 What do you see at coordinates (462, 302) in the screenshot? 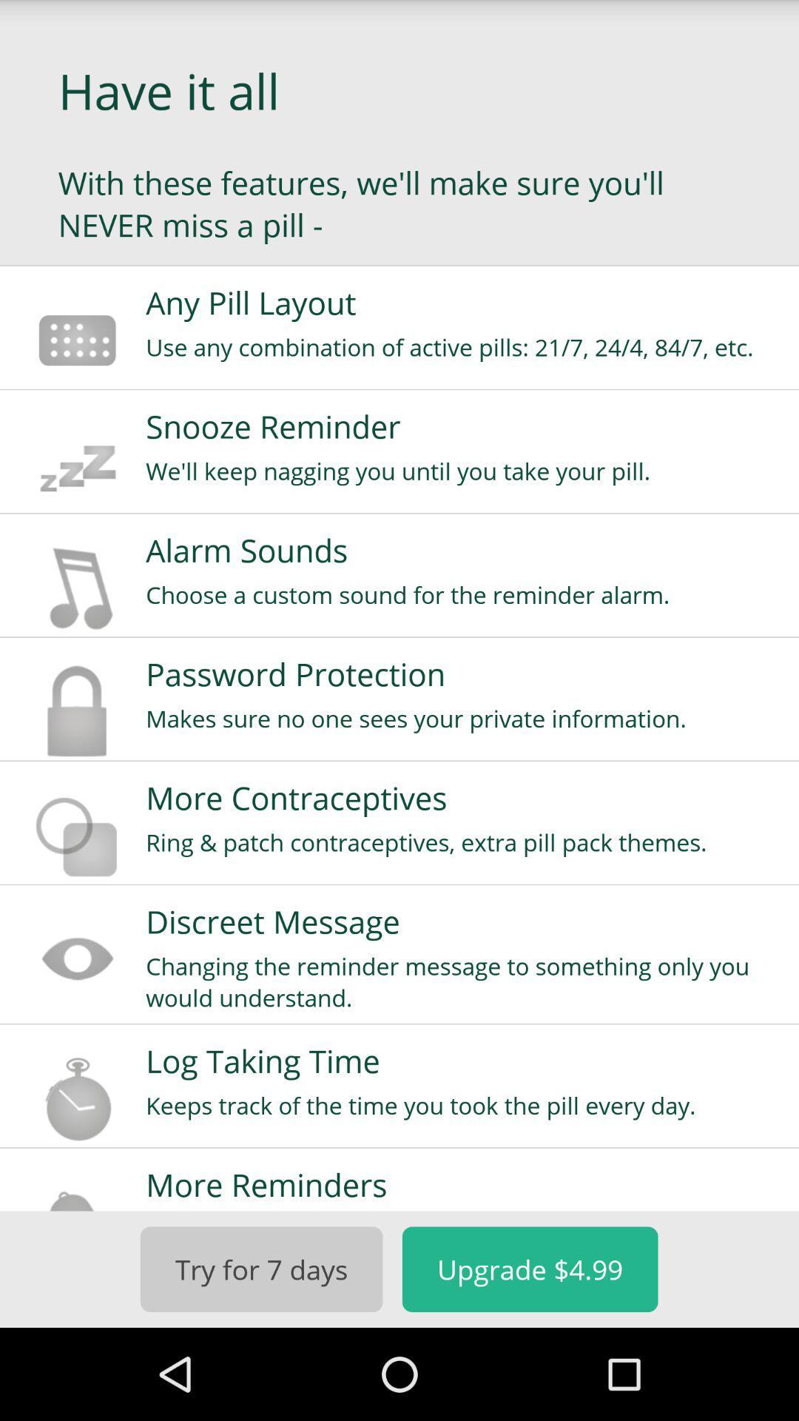
I see `the app above the use any combination icon` at bounding box center [462, 302].